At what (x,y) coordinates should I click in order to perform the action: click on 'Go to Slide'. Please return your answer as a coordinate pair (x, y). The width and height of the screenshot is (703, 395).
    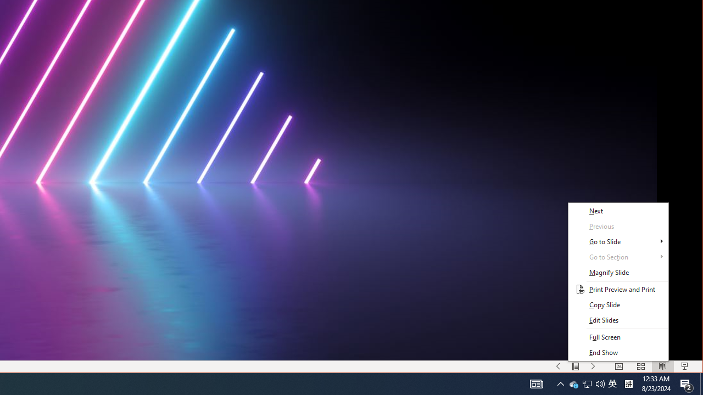
    Looking at the image, I should click on (618, 241).